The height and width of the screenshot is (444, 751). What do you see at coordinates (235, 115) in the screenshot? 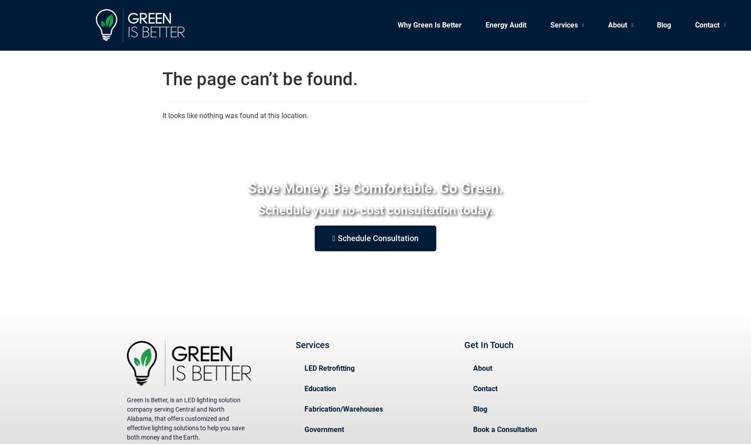
I see `'It looks like nothing was found at this location.'` at bounding box center [235, 115].